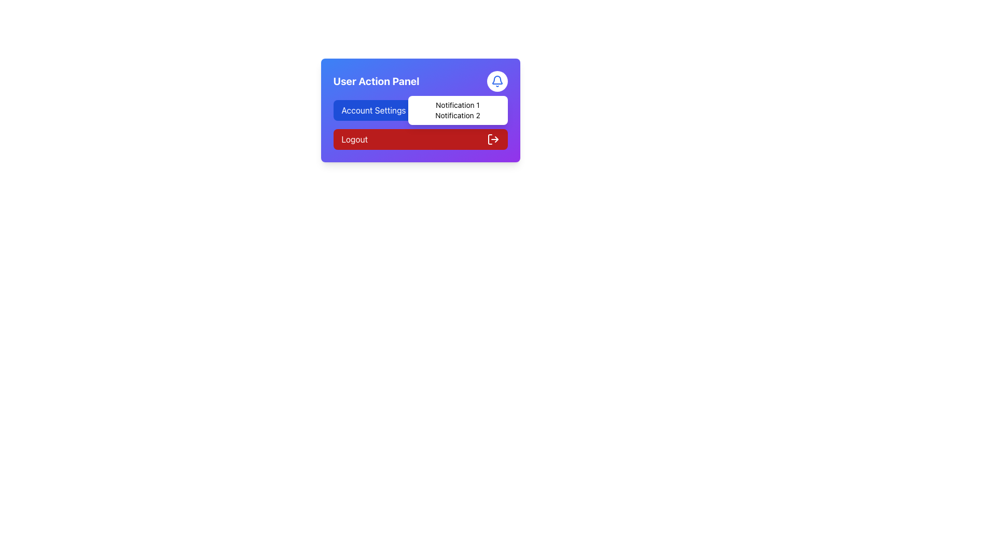 Image resolution: width=996 pixels, height=560 pixels. I want to click on the circular icon button with a blue notification bell, so click(496, 81).